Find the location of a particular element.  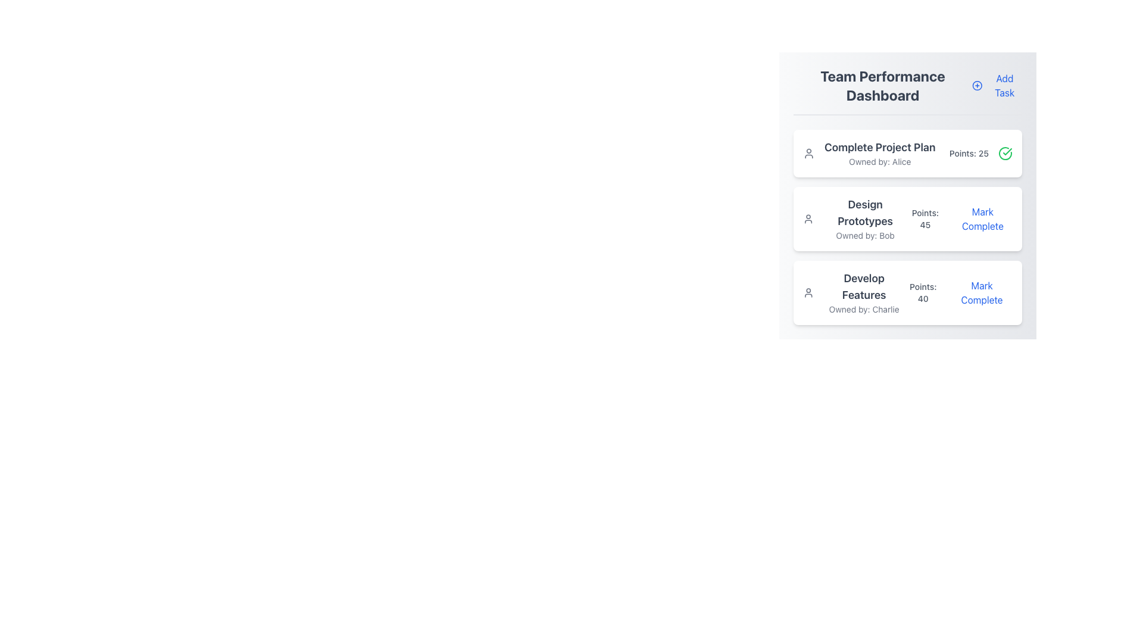

the 'Points: 40' text label, which is styled with a small font size, medium-weight text, and gray color, located at the bottom-right of the 'Develop Features' panel is located at coordinates (922, 293).